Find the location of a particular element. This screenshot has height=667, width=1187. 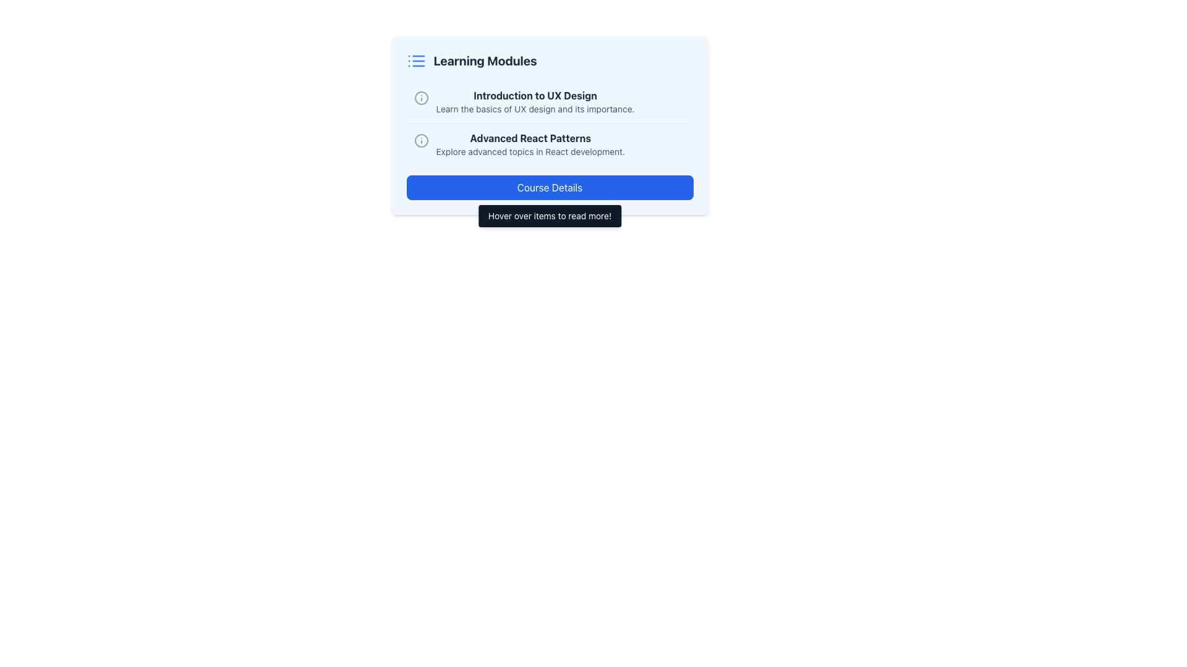

the 'Learning Modules' static text element, which is bold, large, and dark gray, located near the top-center of the content box on a light blue background is located at coordinates (485, 61).